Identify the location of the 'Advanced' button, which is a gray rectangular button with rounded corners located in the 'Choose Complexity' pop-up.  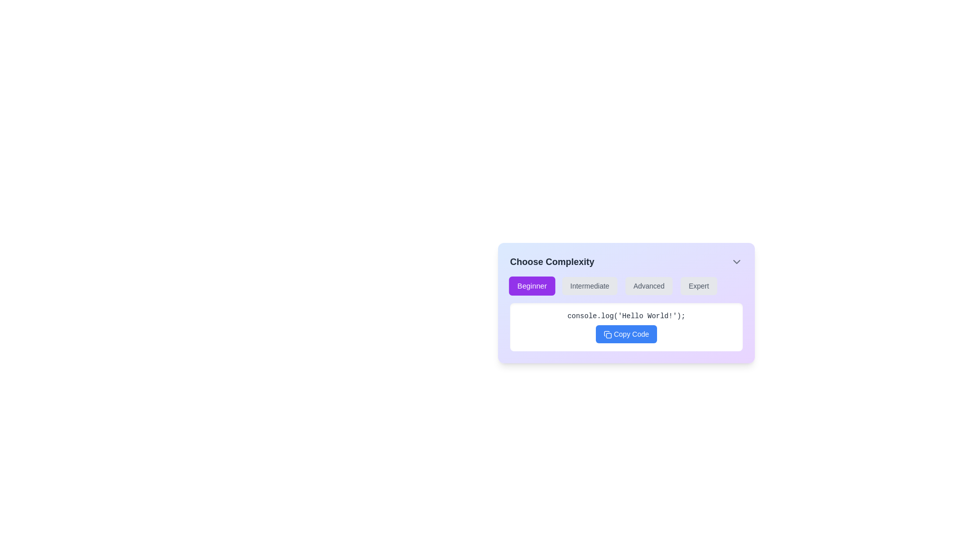
(649, 286).